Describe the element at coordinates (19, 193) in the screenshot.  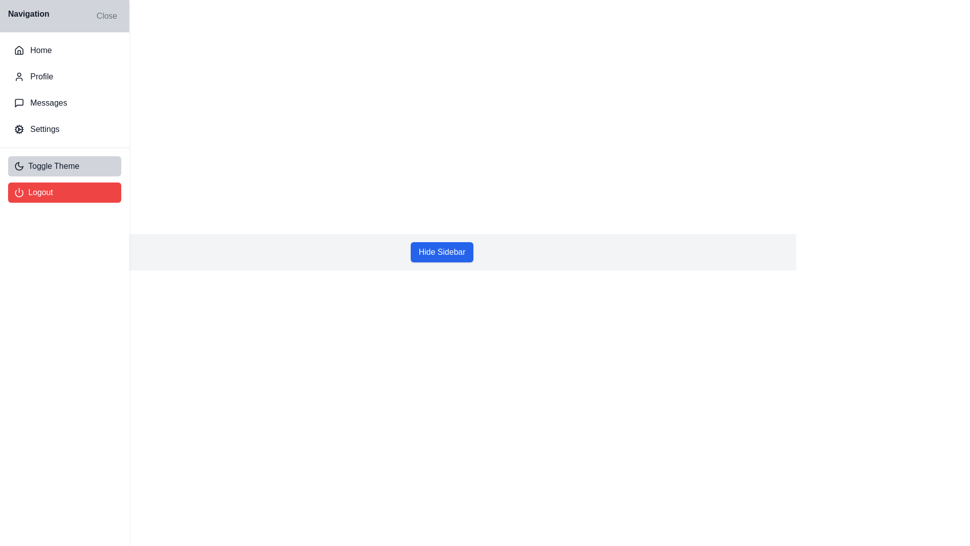
I see `the Logout icon located within the Logout button on the vertical navigation sidebar` at that location.